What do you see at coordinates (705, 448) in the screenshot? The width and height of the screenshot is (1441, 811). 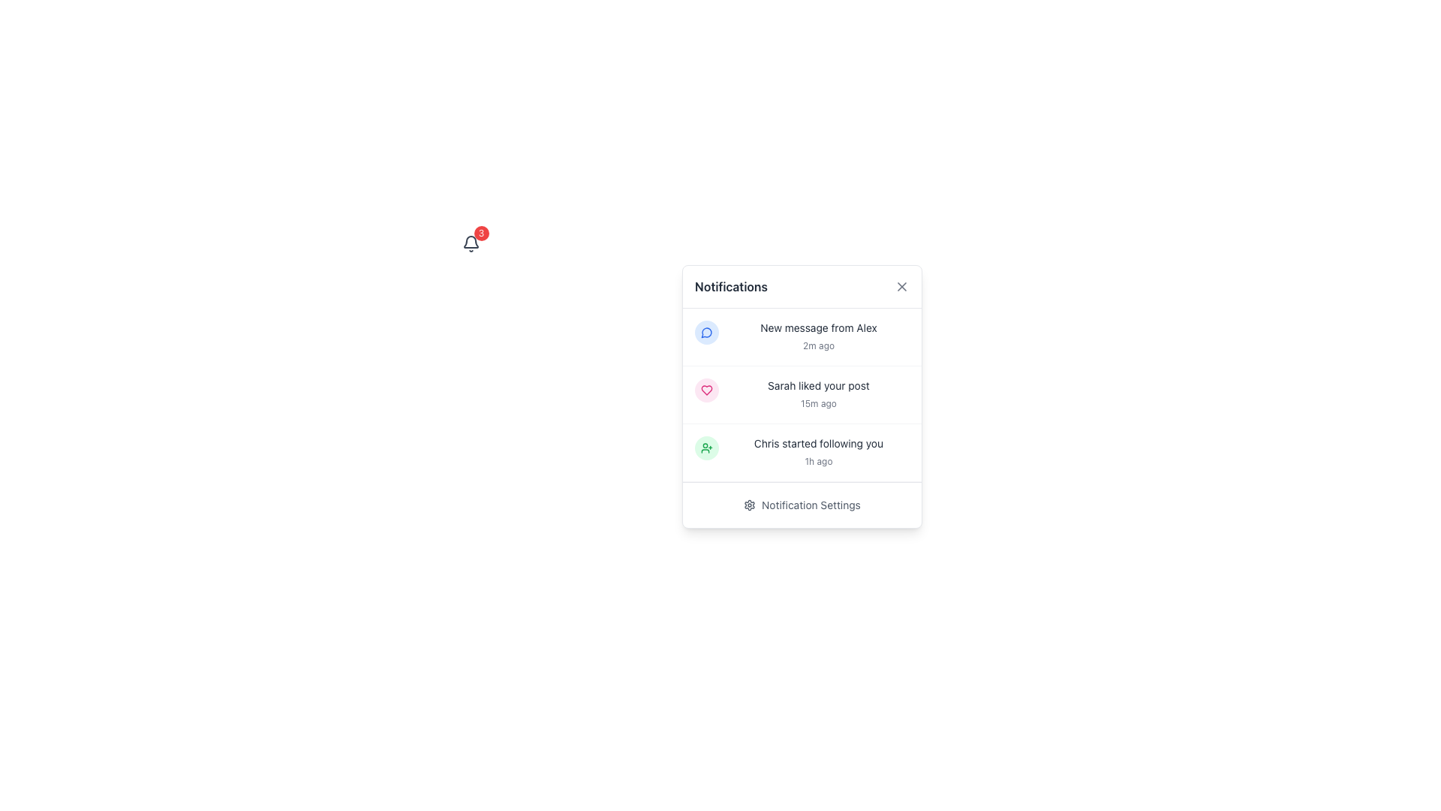 I see `the green circular icon with a user silhouette and '+' symbol, located to the left of the notification text 'Chris started following you'` at bounding box center [705, 448].